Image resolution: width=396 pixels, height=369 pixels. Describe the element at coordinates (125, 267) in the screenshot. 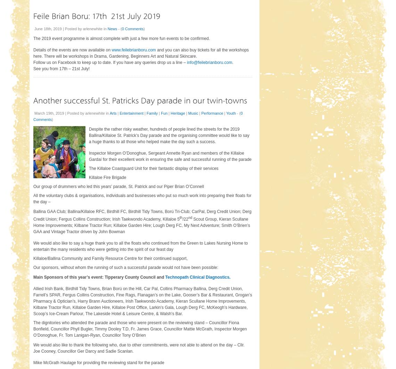

I see `'Our sponsors, without whom the running of such a successful parade would not have been possible:'` at that location.